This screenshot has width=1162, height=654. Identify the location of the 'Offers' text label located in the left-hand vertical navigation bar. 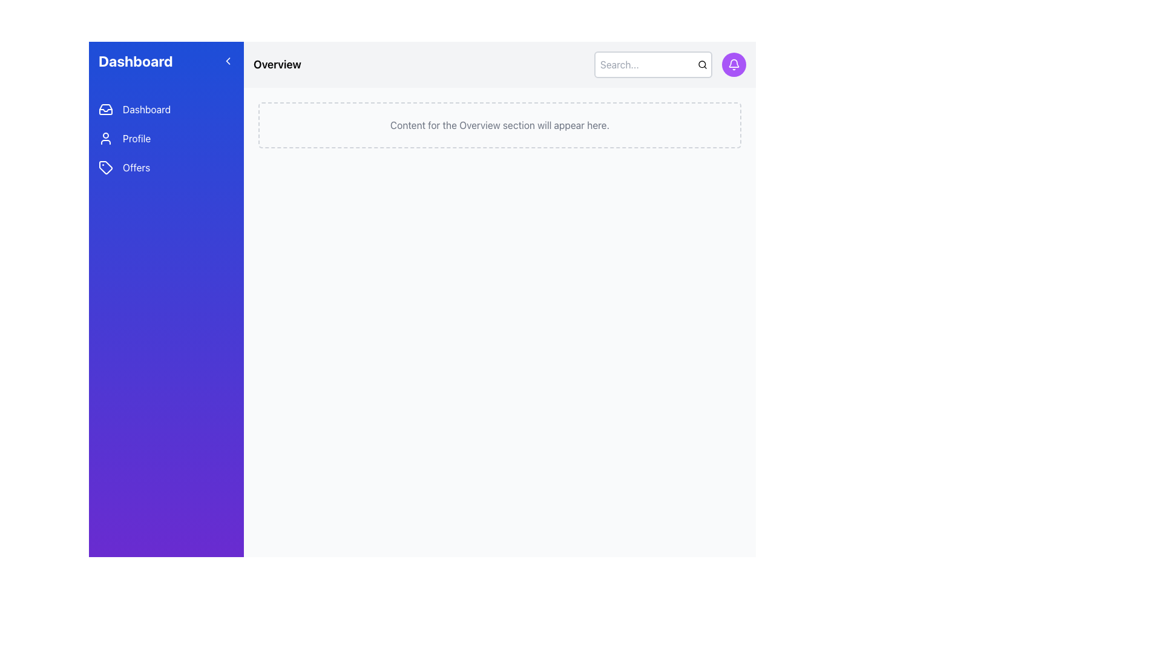
(136, 168).